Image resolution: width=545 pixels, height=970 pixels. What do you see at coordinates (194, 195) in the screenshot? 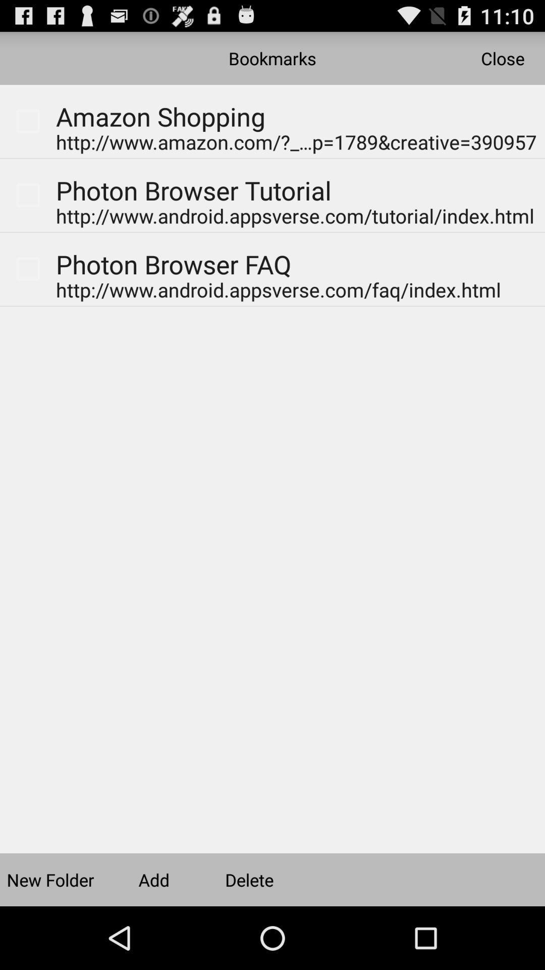
I see `the photon browser tutorial` at bounding box center [194, 195].